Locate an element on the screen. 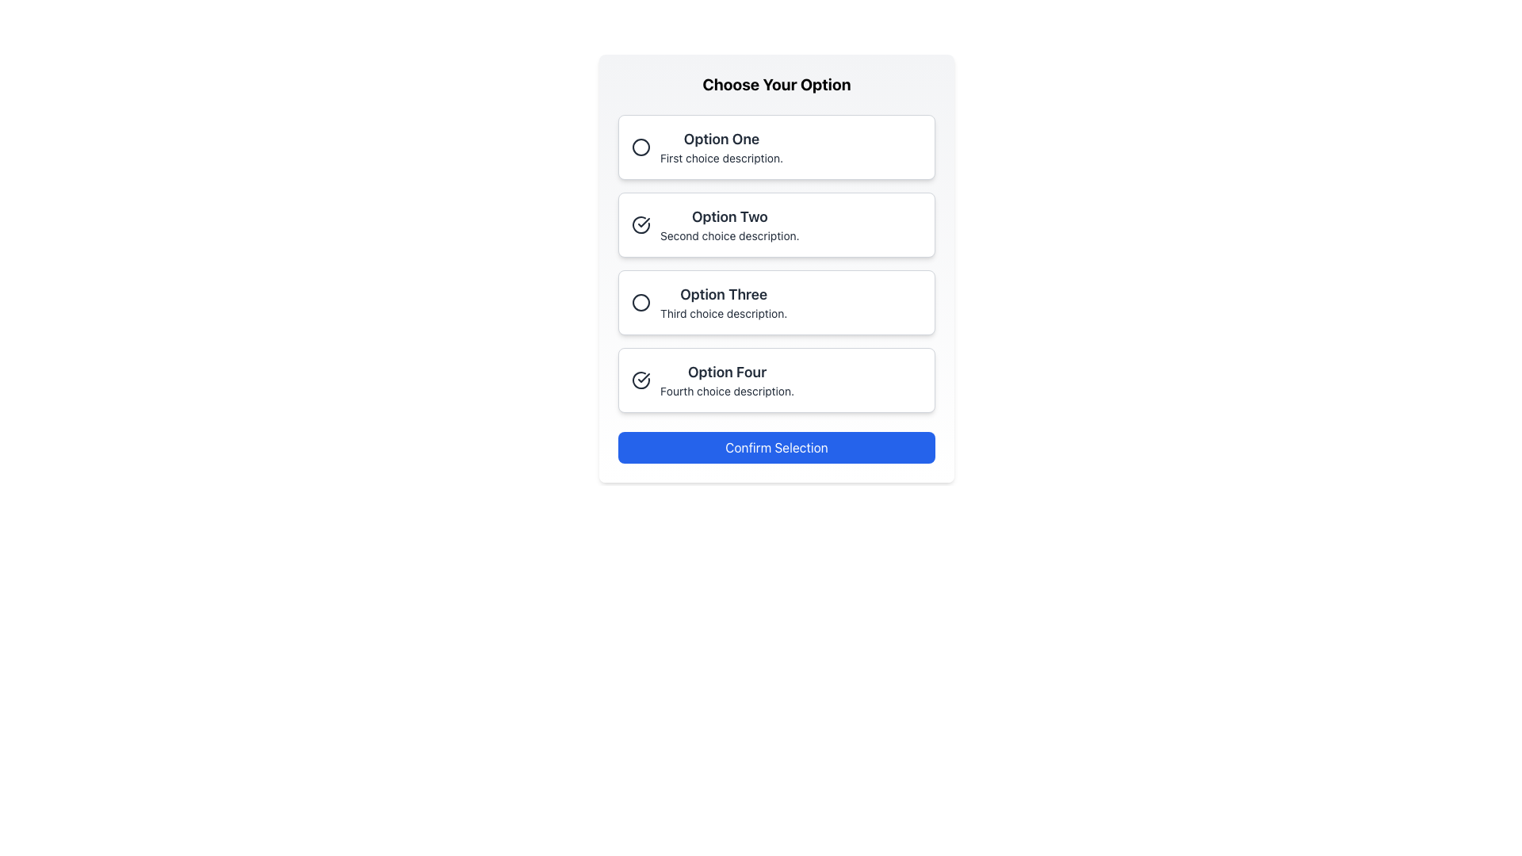 The width and height of the screenshot is (1522, 856). the text label reading 'Third choice description.' which is styled as a subtitle below the title 'Option Three' is located at coordinates (723, 314).